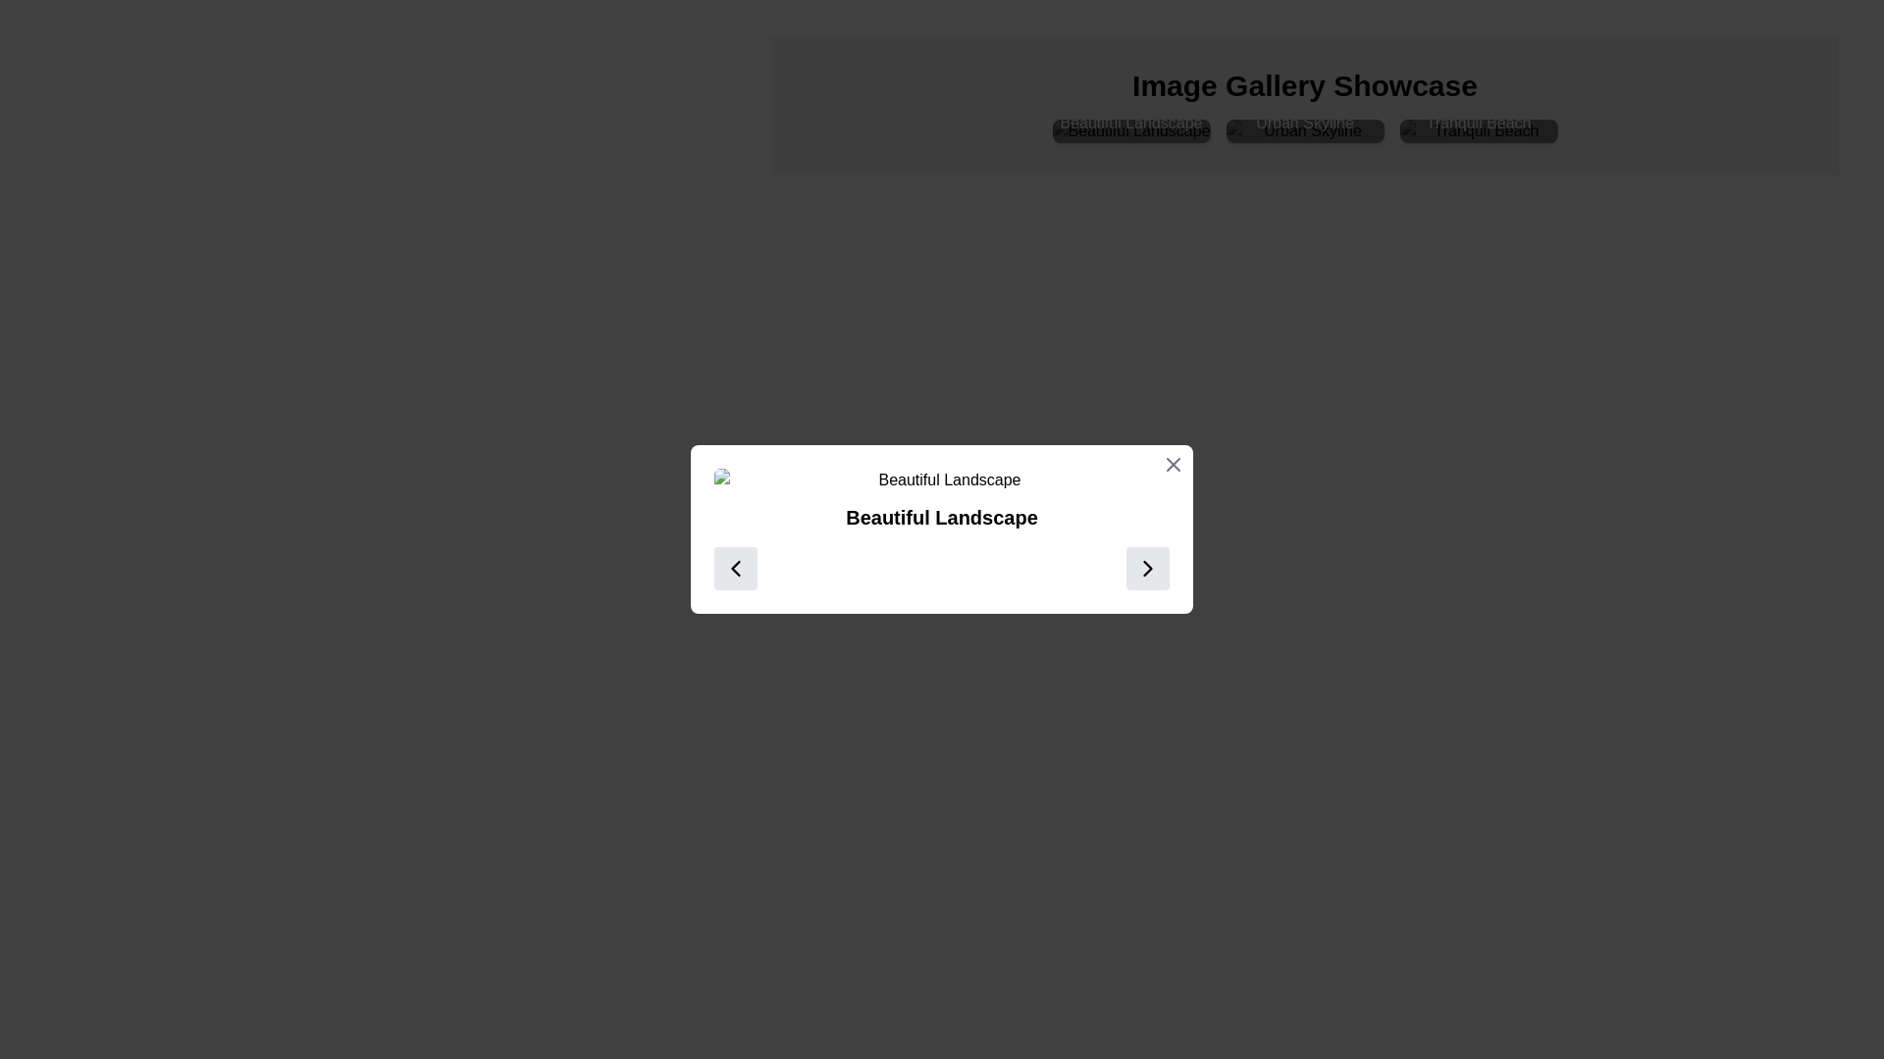  I want to click on the text label displaying 'Beautiful Landscape', which is centrally located below an image of a landscape and above navigation buttons, so click(942, 517).